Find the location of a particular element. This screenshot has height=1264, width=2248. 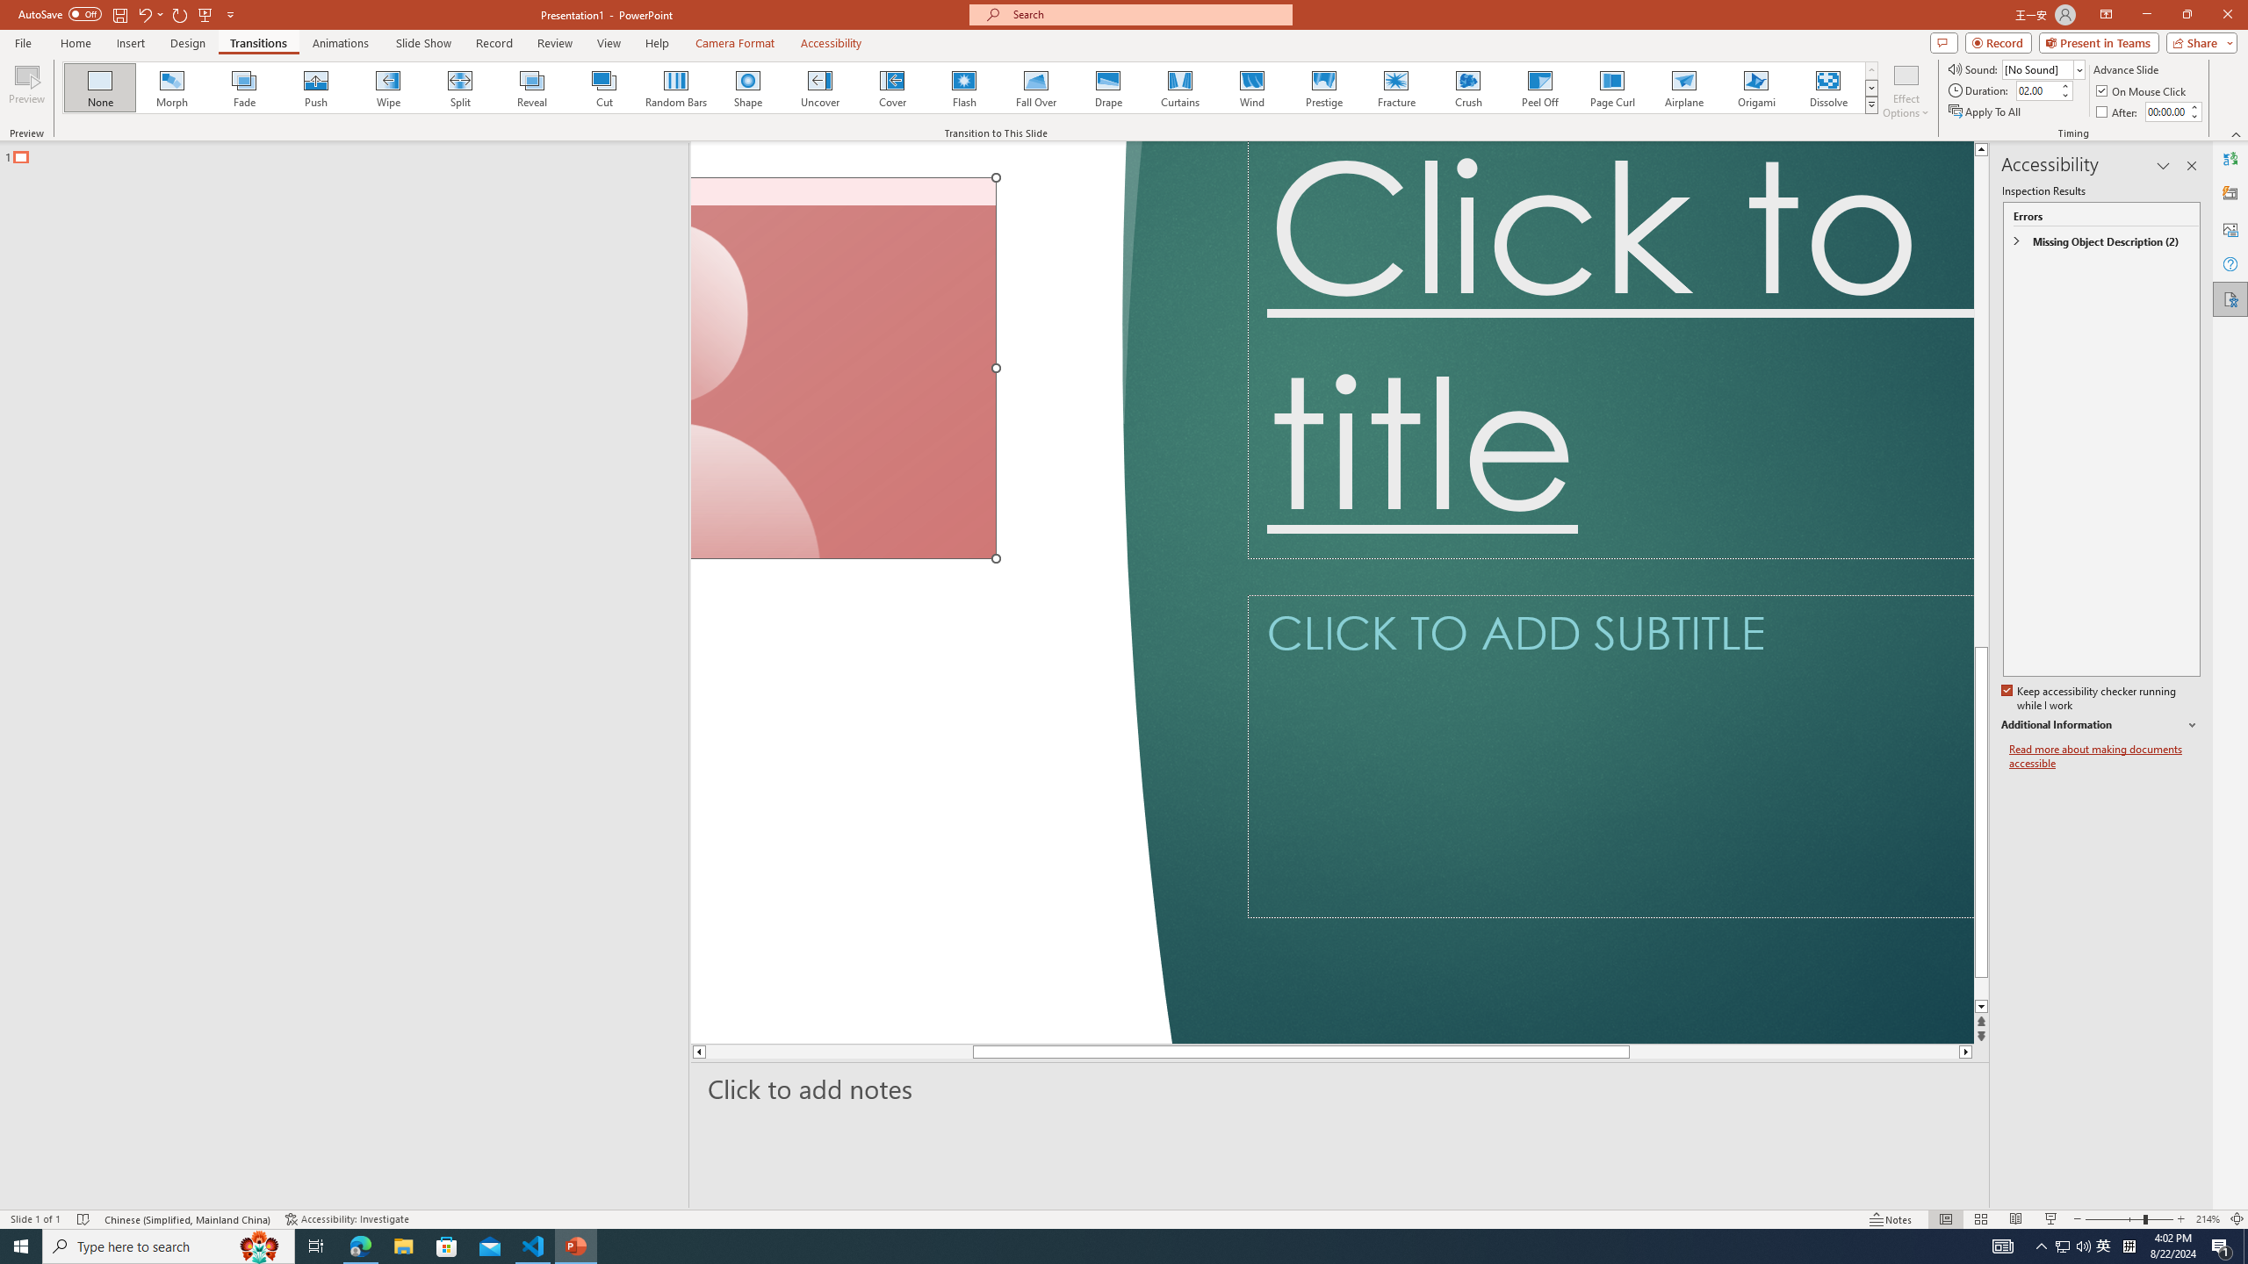

'Slide Notes' is located at coordinates (1340, 1088).